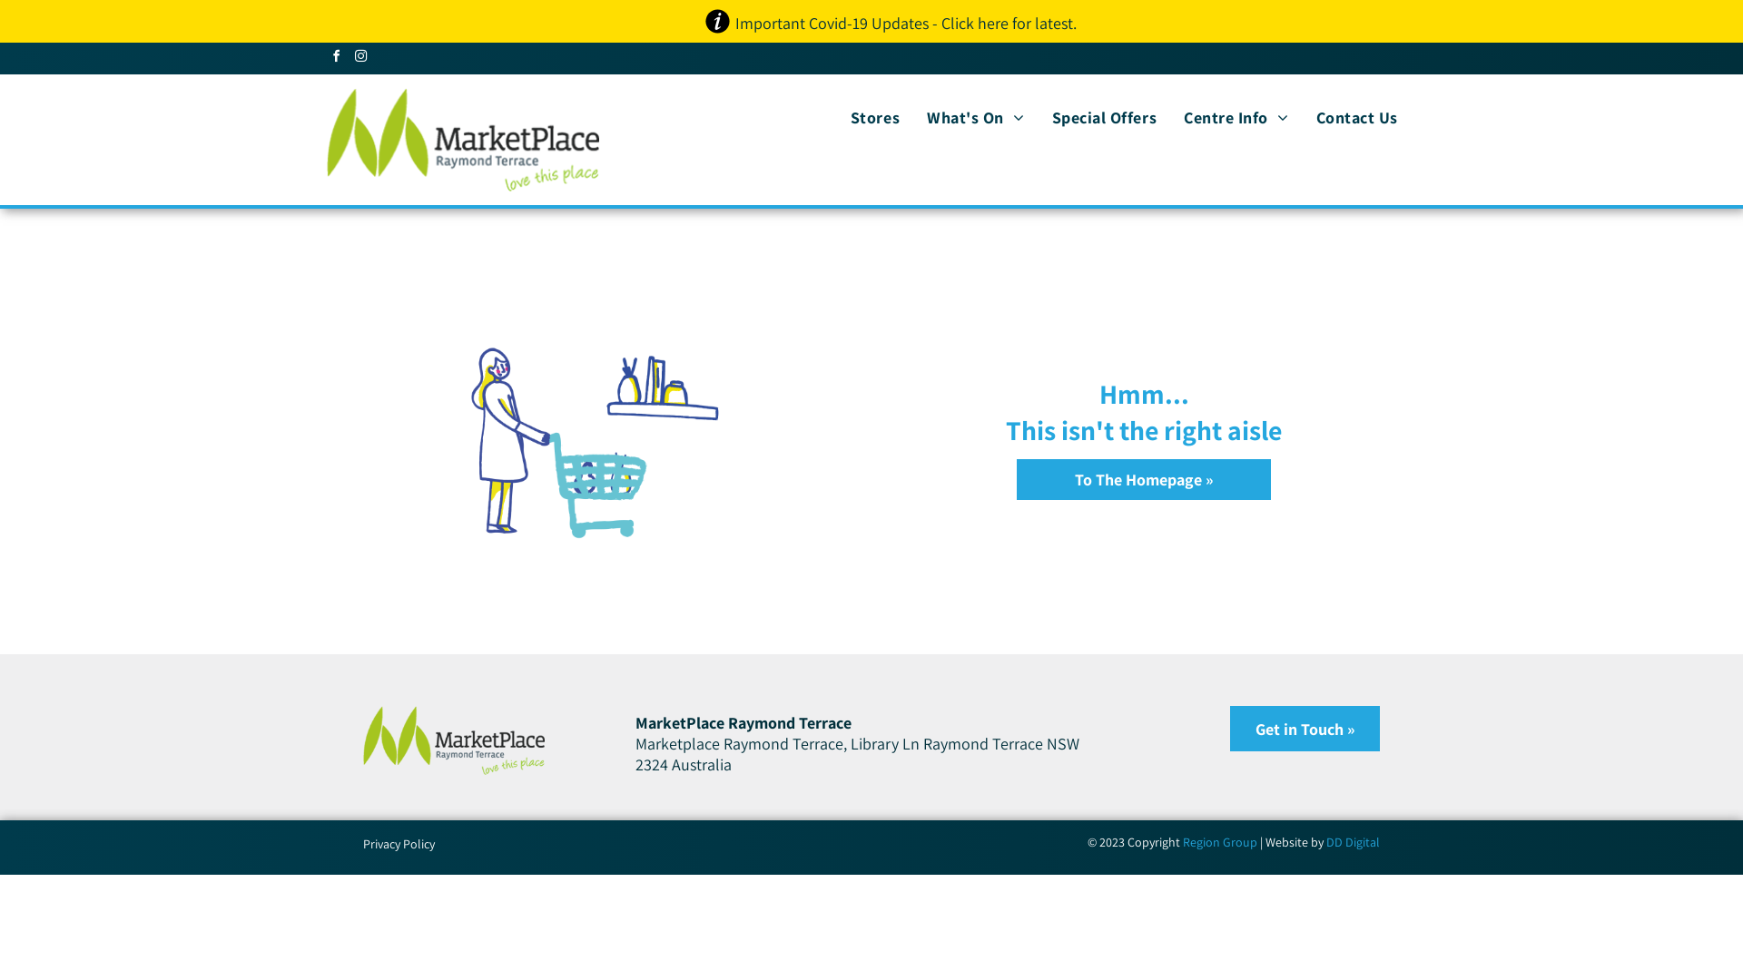  Describe the element at coordinates (875, 116) in the screenshot. I see `'Stores'` at that location.